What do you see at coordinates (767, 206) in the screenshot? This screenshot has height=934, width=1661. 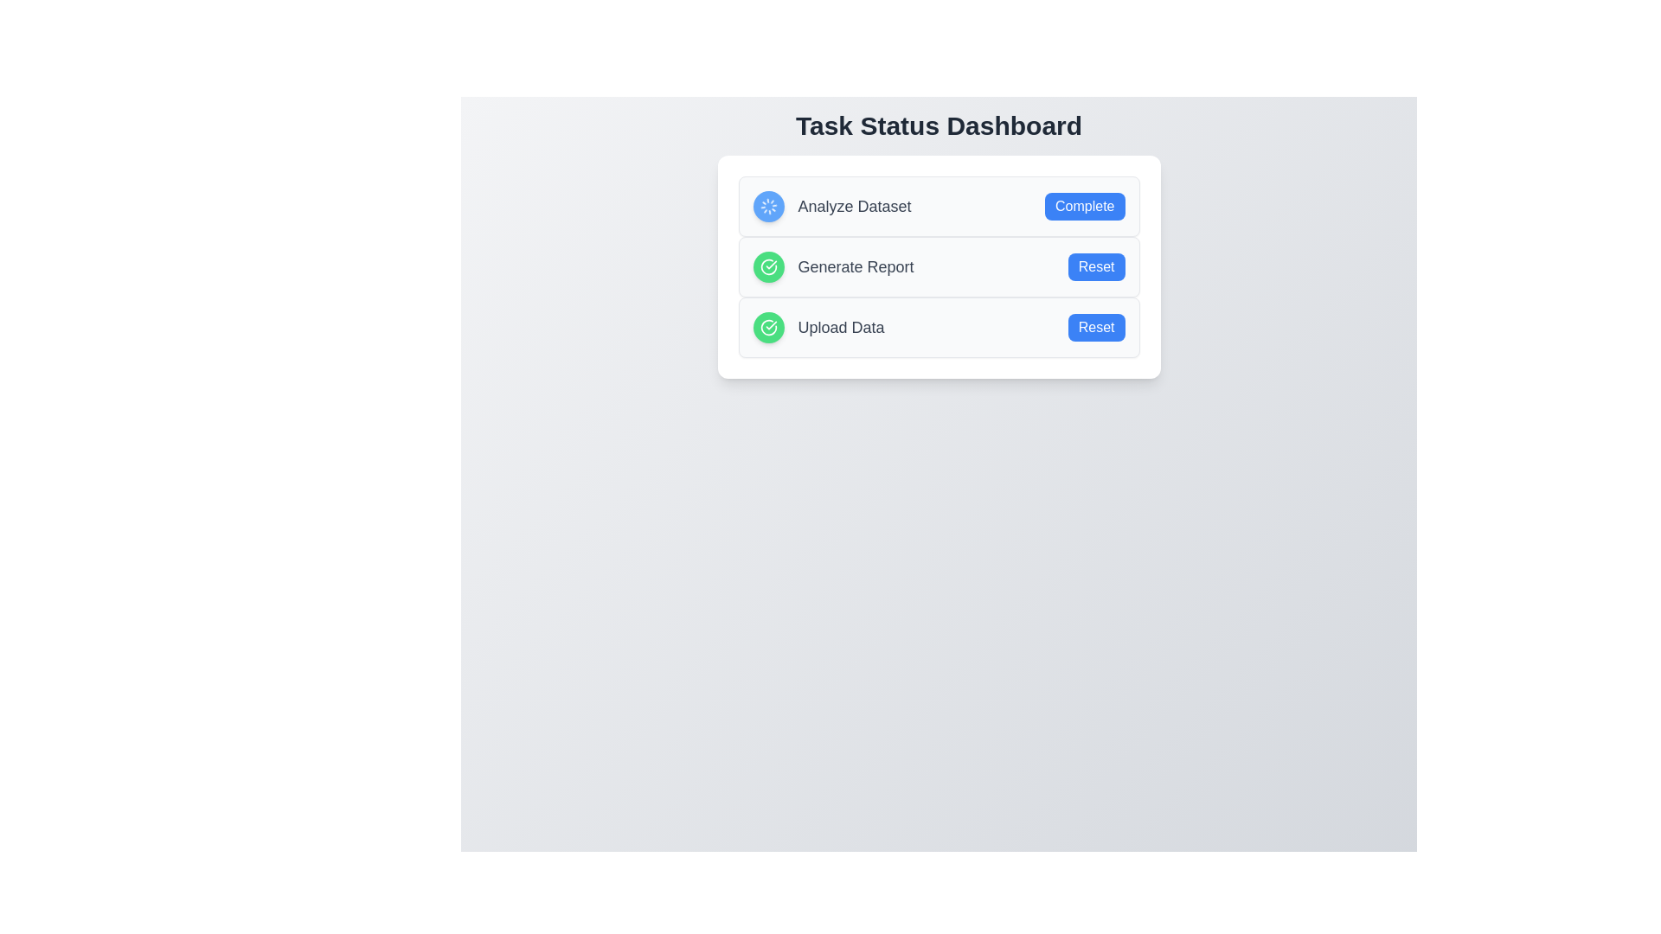 I see `the rotating circular loader icon with a blue background, located near the top-left, aligned left to the 'Analyze Dataset' text in the 'Task Status Dashboard' panel` at bounding box center [767, 206].